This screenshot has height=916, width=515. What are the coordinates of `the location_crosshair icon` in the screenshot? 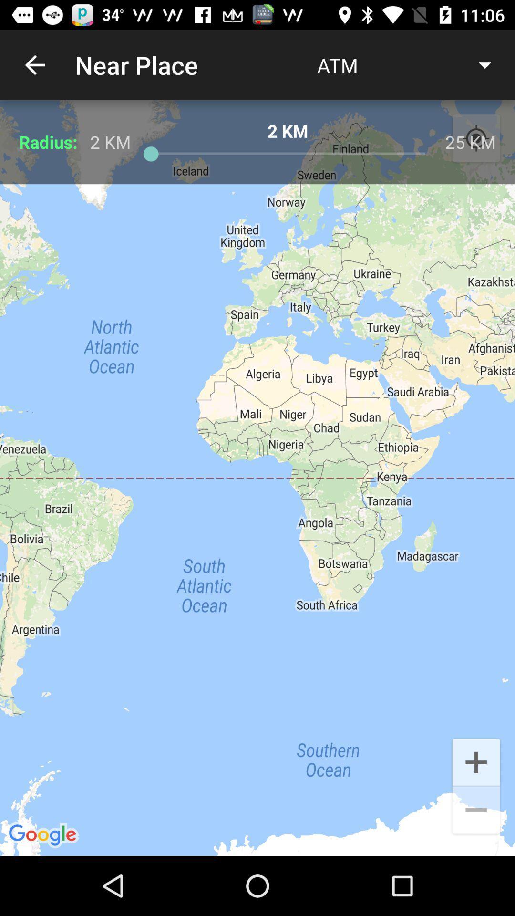 It's located at (476, 138).